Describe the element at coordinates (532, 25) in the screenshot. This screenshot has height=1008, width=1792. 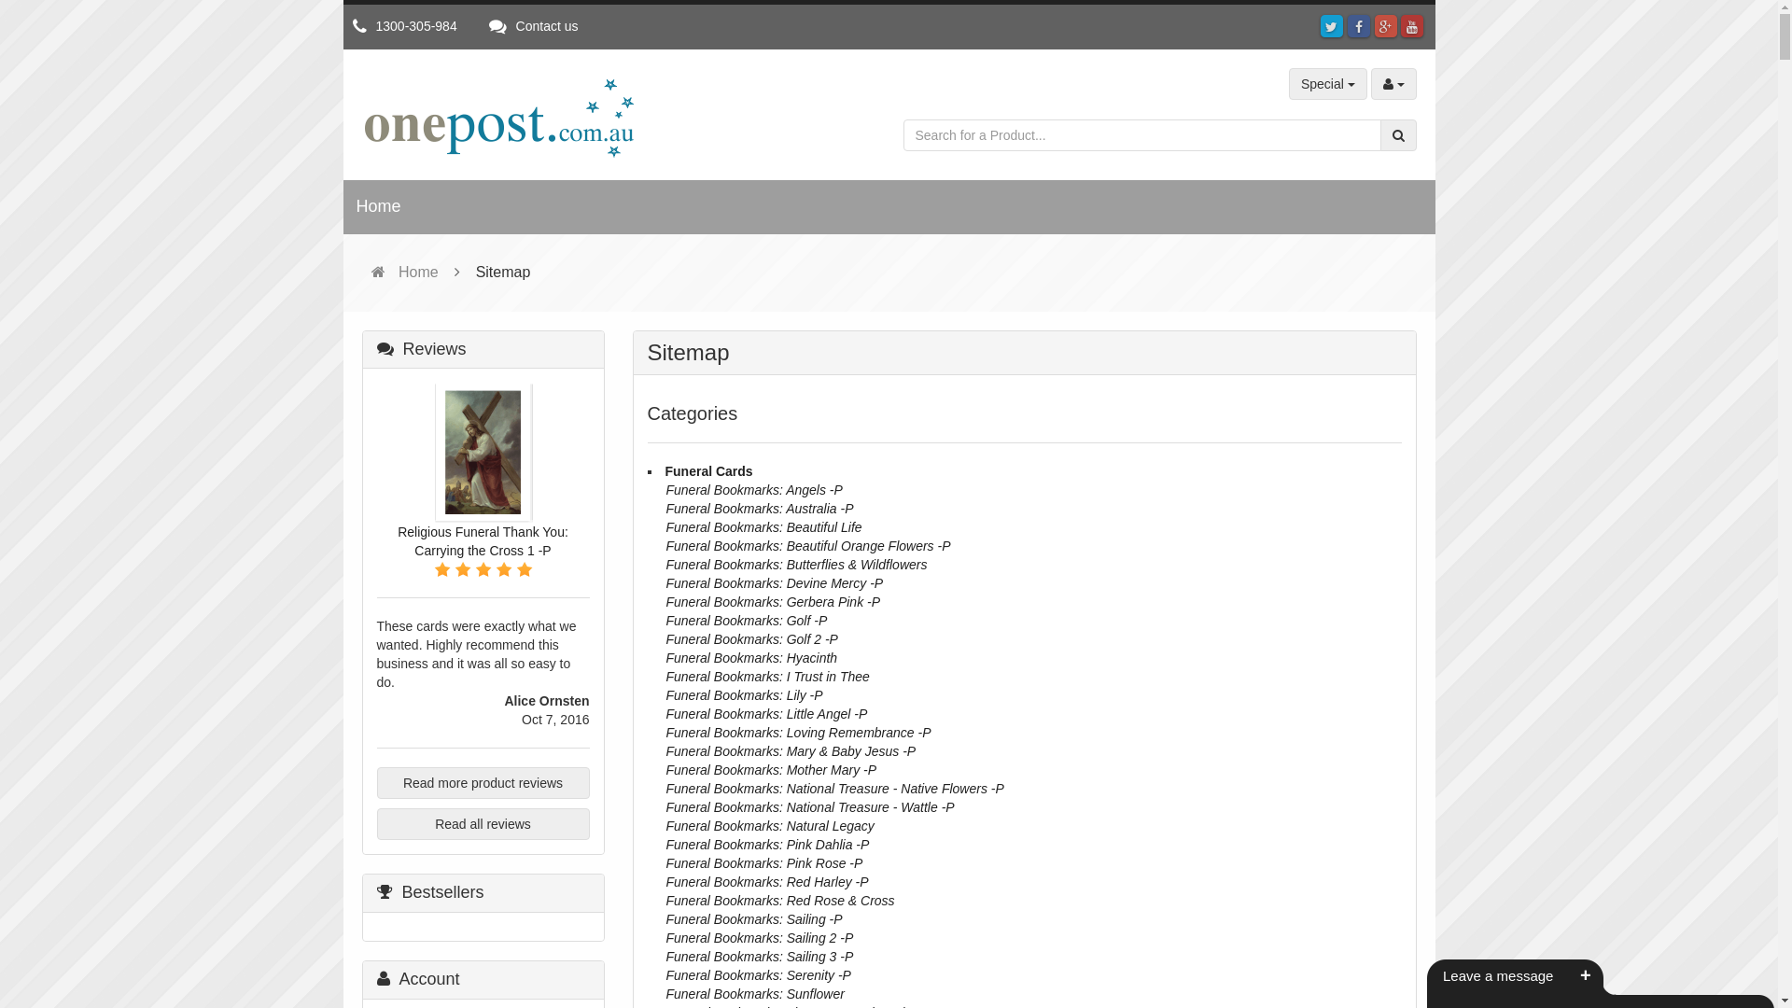
I see `'Contact us'` at that location.